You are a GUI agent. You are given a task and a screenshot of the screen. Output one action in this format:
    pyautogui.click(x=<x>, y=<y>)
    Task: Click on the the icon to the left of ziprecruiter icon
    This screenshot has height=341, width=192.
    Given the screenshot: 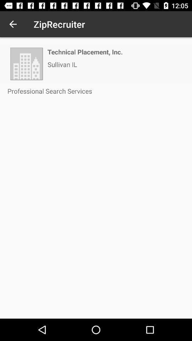 What is the action you would take?
    pyautogui.click(x=13, y=24)
    